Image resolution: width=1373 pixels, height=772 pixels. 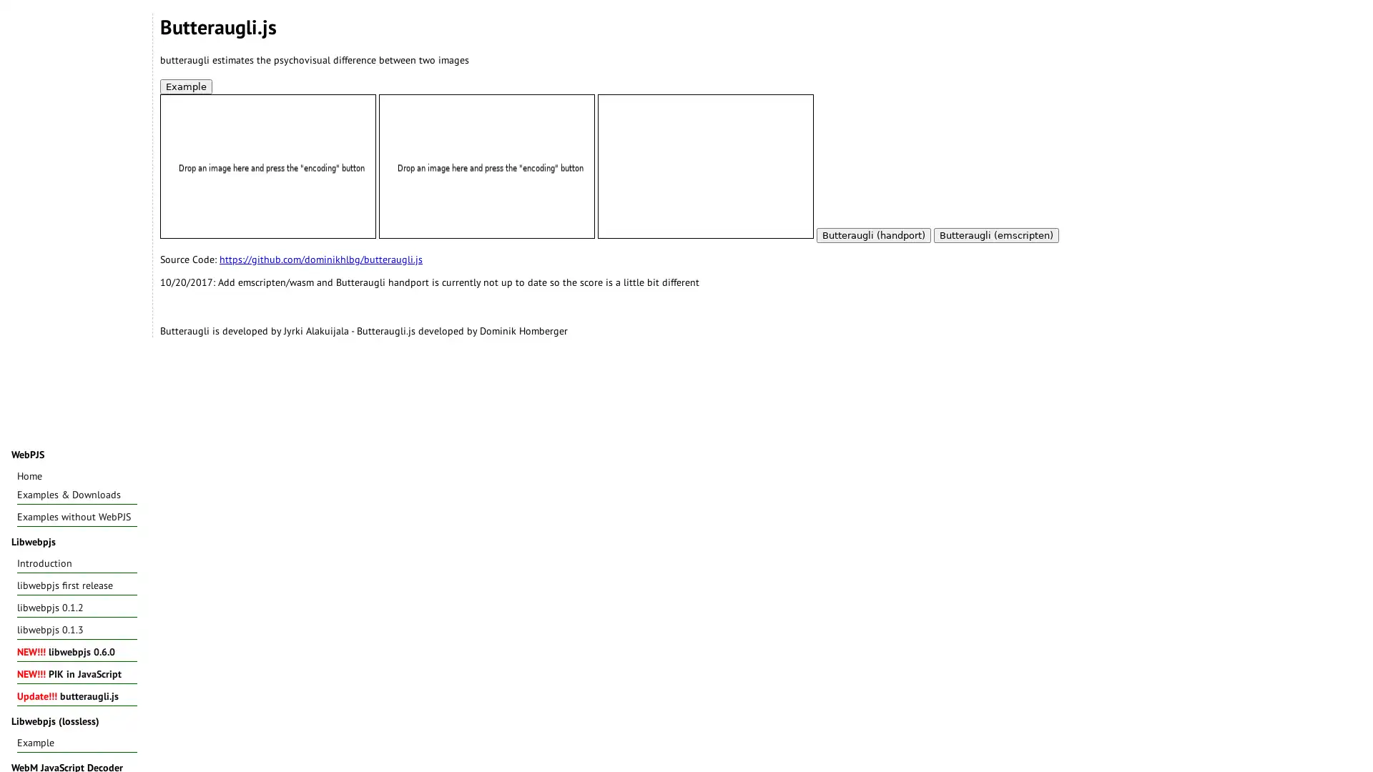 I want to click on Example, so click(x=185, y=86).